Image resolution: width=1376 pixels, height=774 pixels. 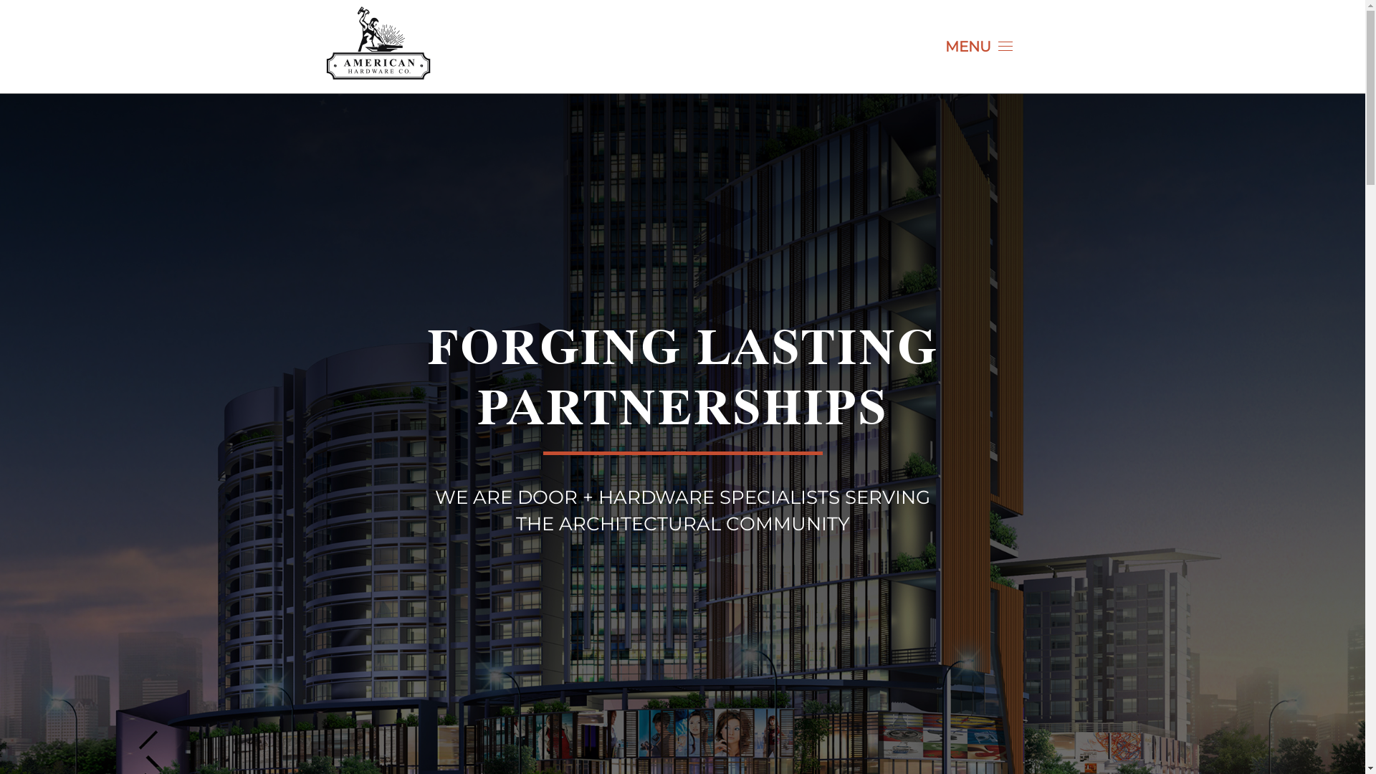 I want to click on 'MENU', so click(x=978, y=46).